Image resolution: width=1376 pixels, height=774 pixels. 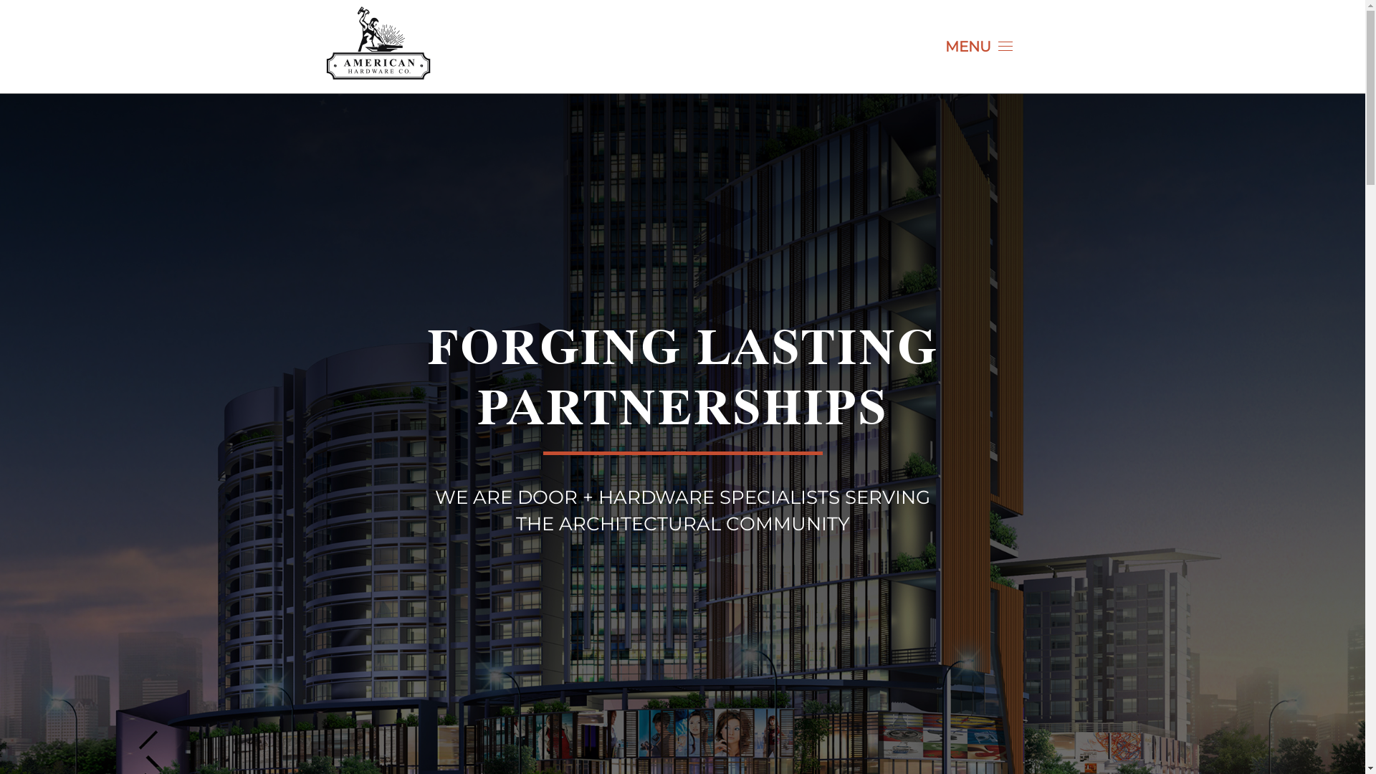 I want to click on 'MENU', so click(x=978, y=46).